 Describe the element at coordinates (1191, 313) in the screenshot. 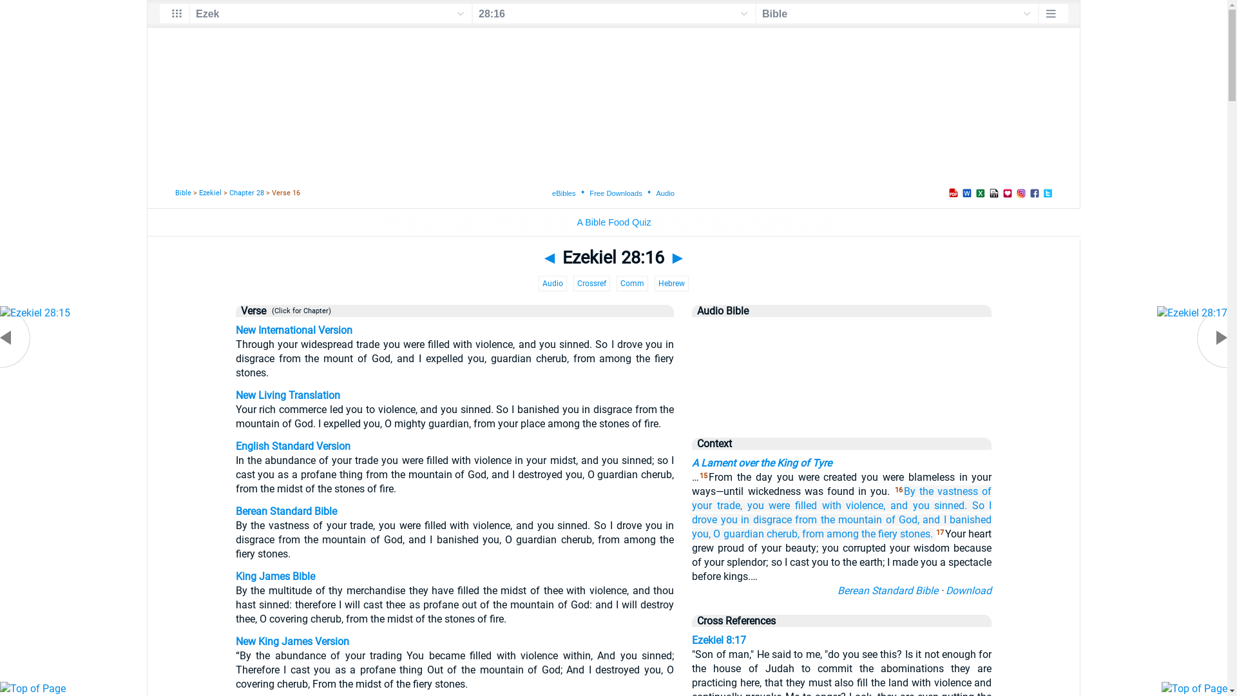

I see `'Ezekiel 28:17'` at that location.